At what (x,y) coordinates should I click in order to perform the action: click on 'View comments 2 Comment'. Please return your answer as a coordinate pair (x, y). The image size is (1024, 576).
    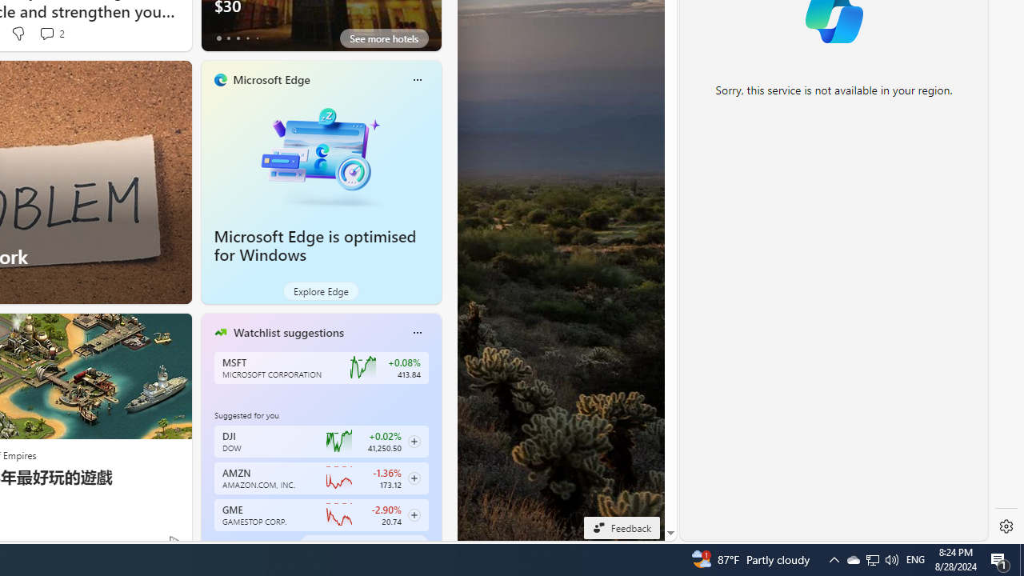
    Looking at the image, I should click on (51, 34).